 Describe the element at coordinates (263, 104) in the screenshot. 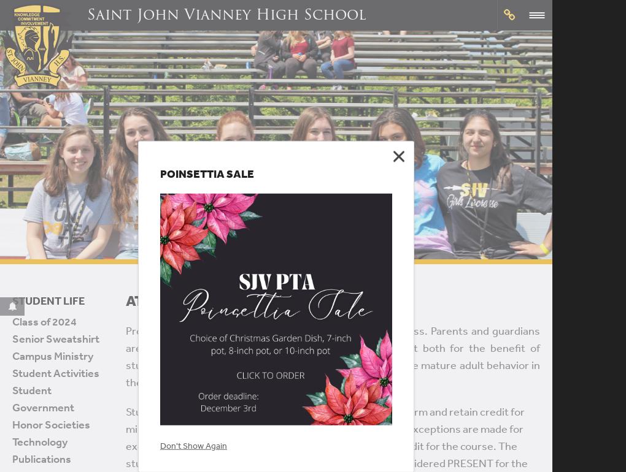

I see `'Academics'` at that location.